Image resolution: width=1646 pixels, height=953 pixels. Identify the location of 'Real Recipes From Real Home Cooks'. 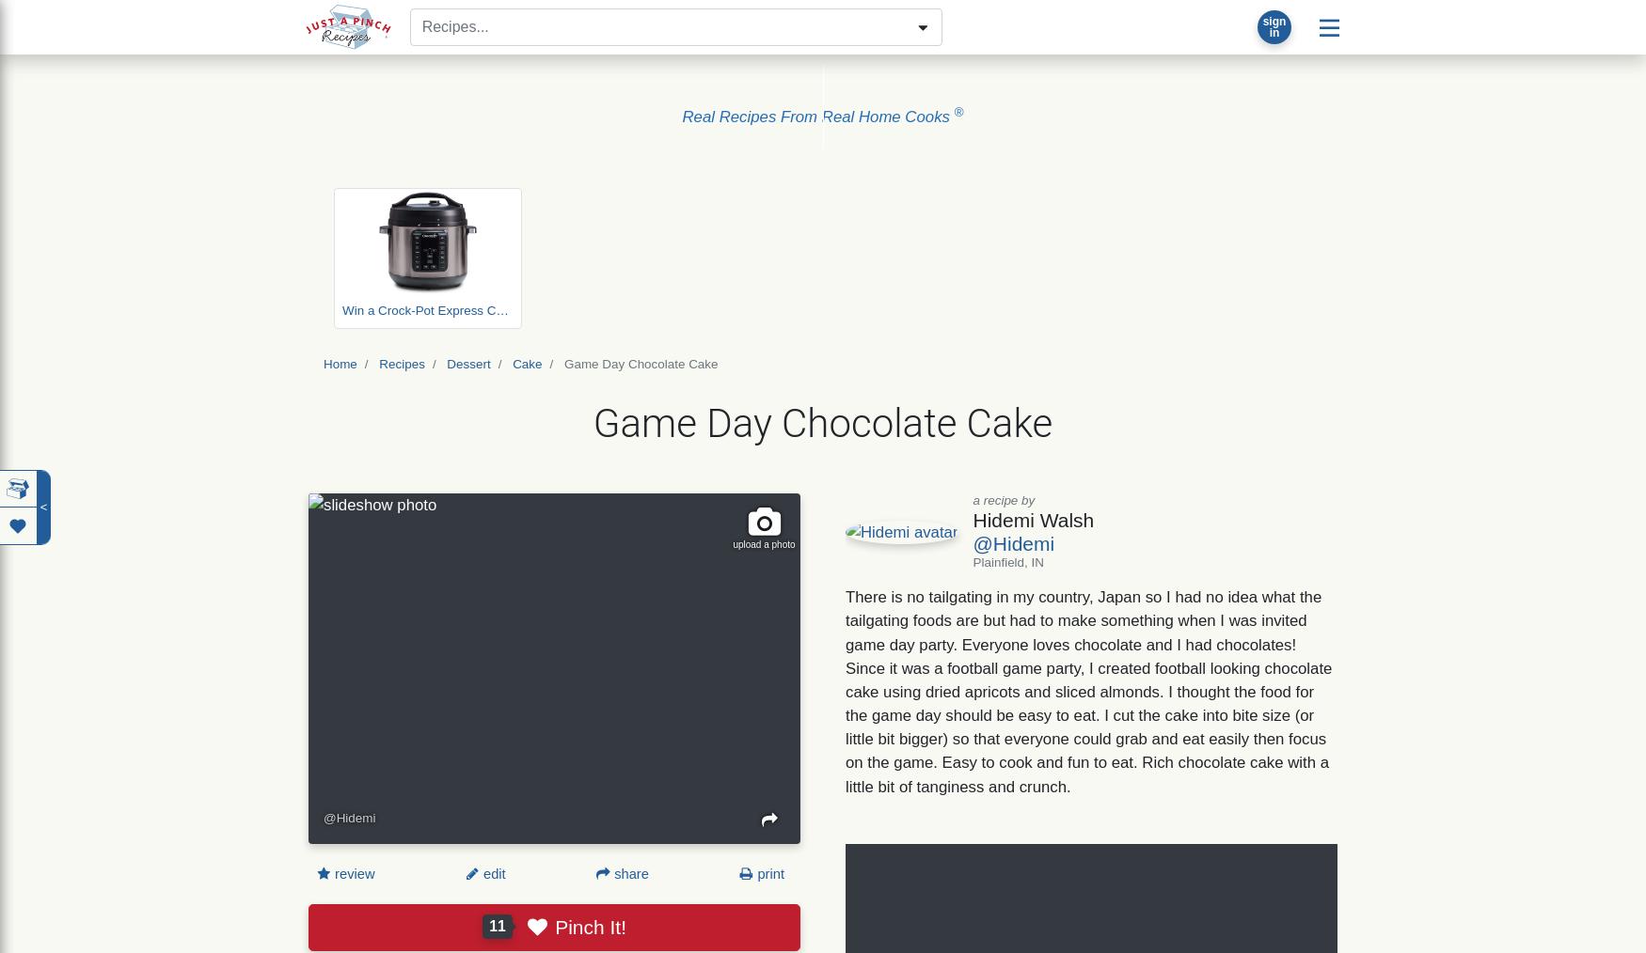
(682, 117).